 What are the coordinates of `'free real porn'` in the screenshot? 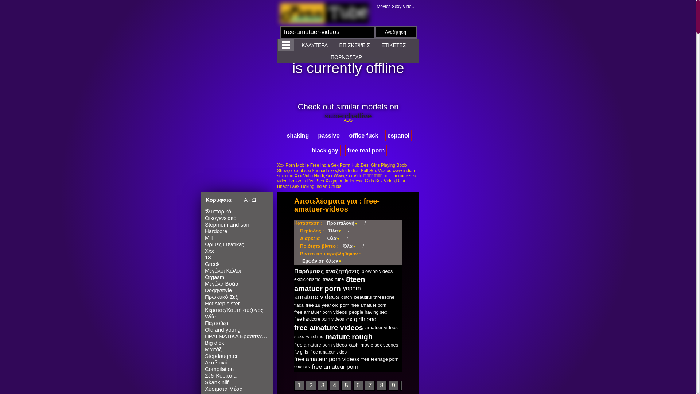 It's located at (345, 150).